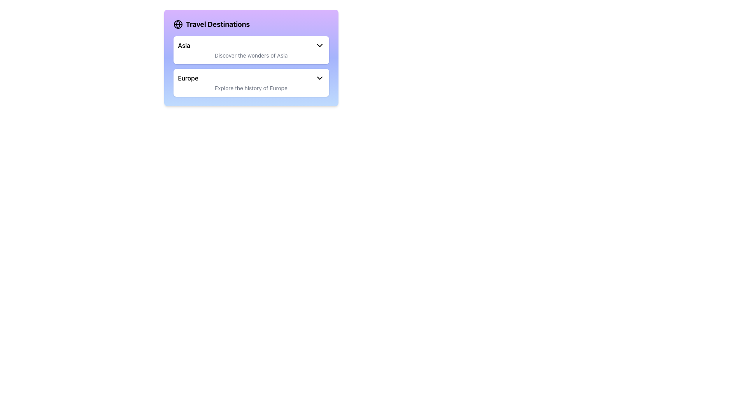  Describe the element at coordinates (251, 50) in the screenshot. I see `the Interactive Card for 'Asia'` at that location.